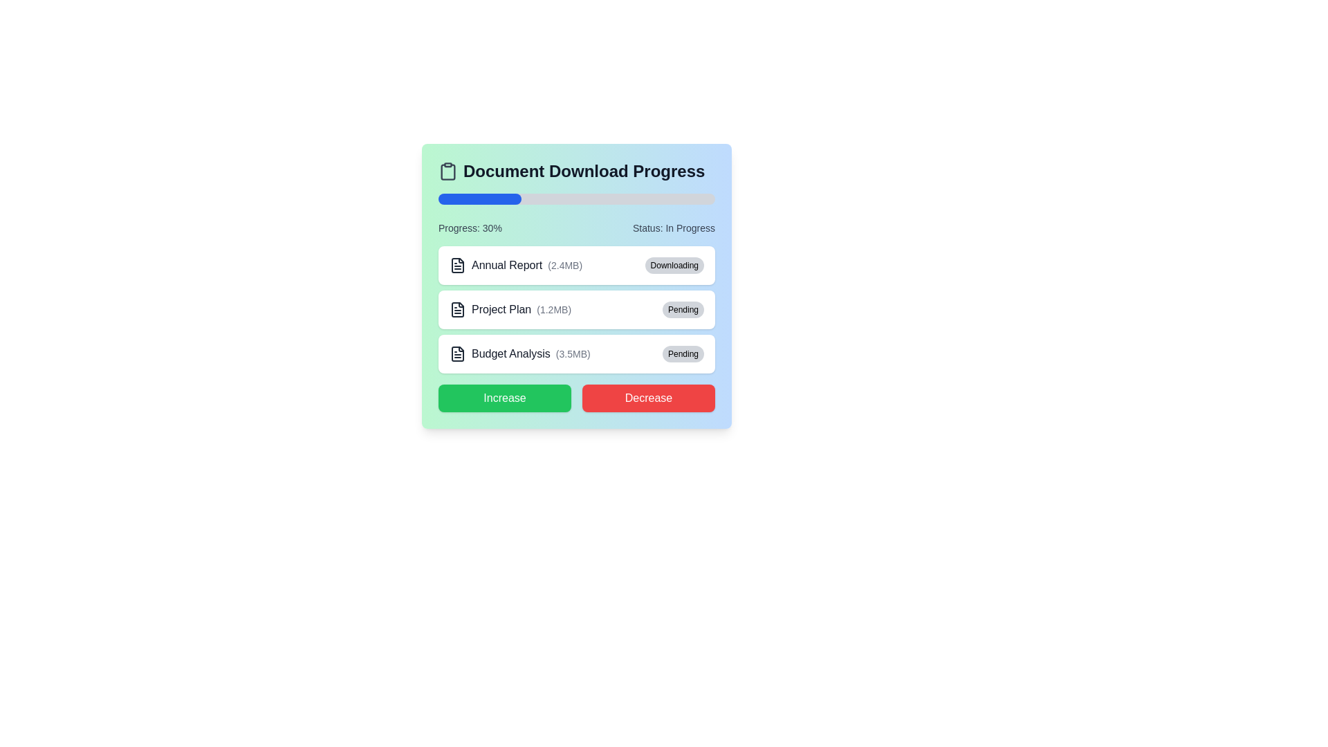 The image size is (1328, 747). I want to click on the first button in the bottom section of the 'Document Download Progress' interface, so click(504, 398).